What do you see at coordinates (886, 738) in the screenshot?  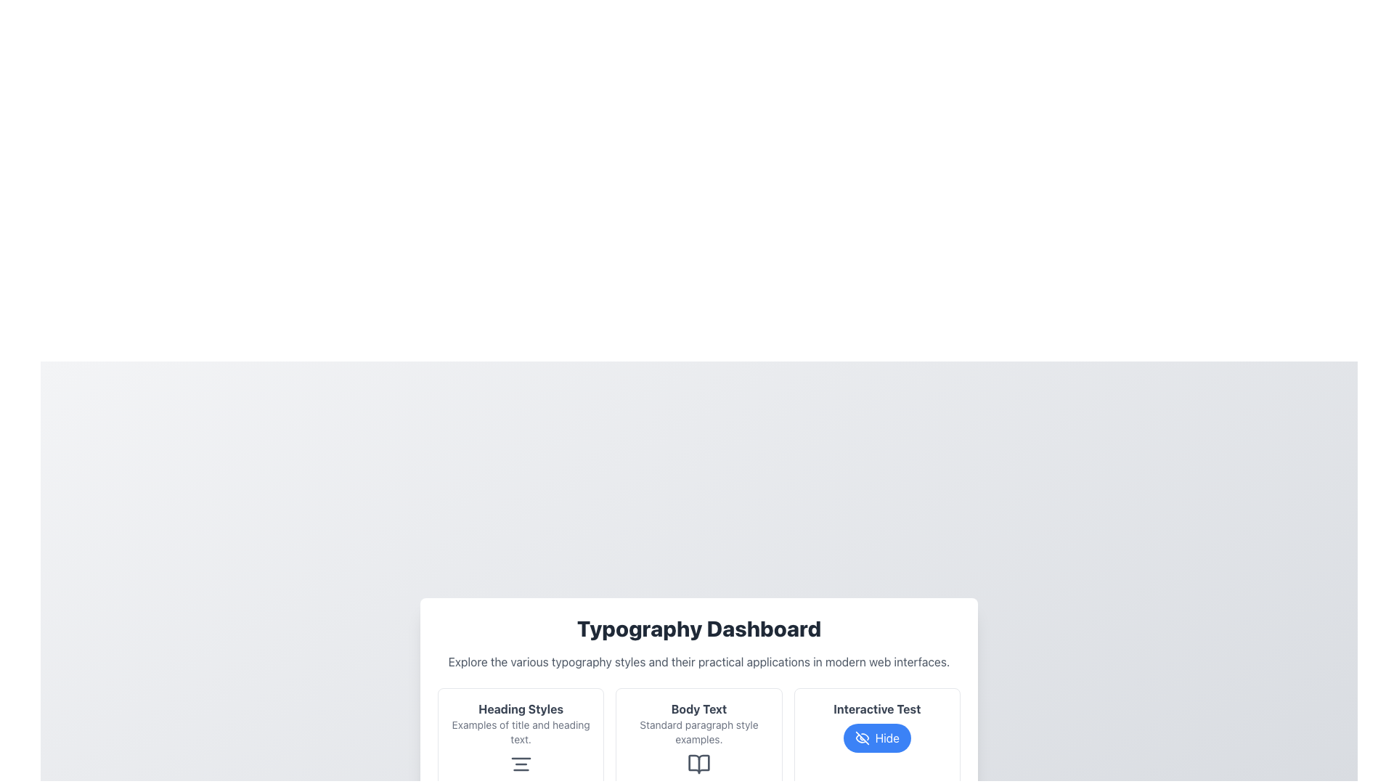 I see `text label indicating the button's action for hiding something, located in the 'Interactive Test' section near the bottom-right of the page, to the right of an eye-off icon` at bounding box center [886, 738].